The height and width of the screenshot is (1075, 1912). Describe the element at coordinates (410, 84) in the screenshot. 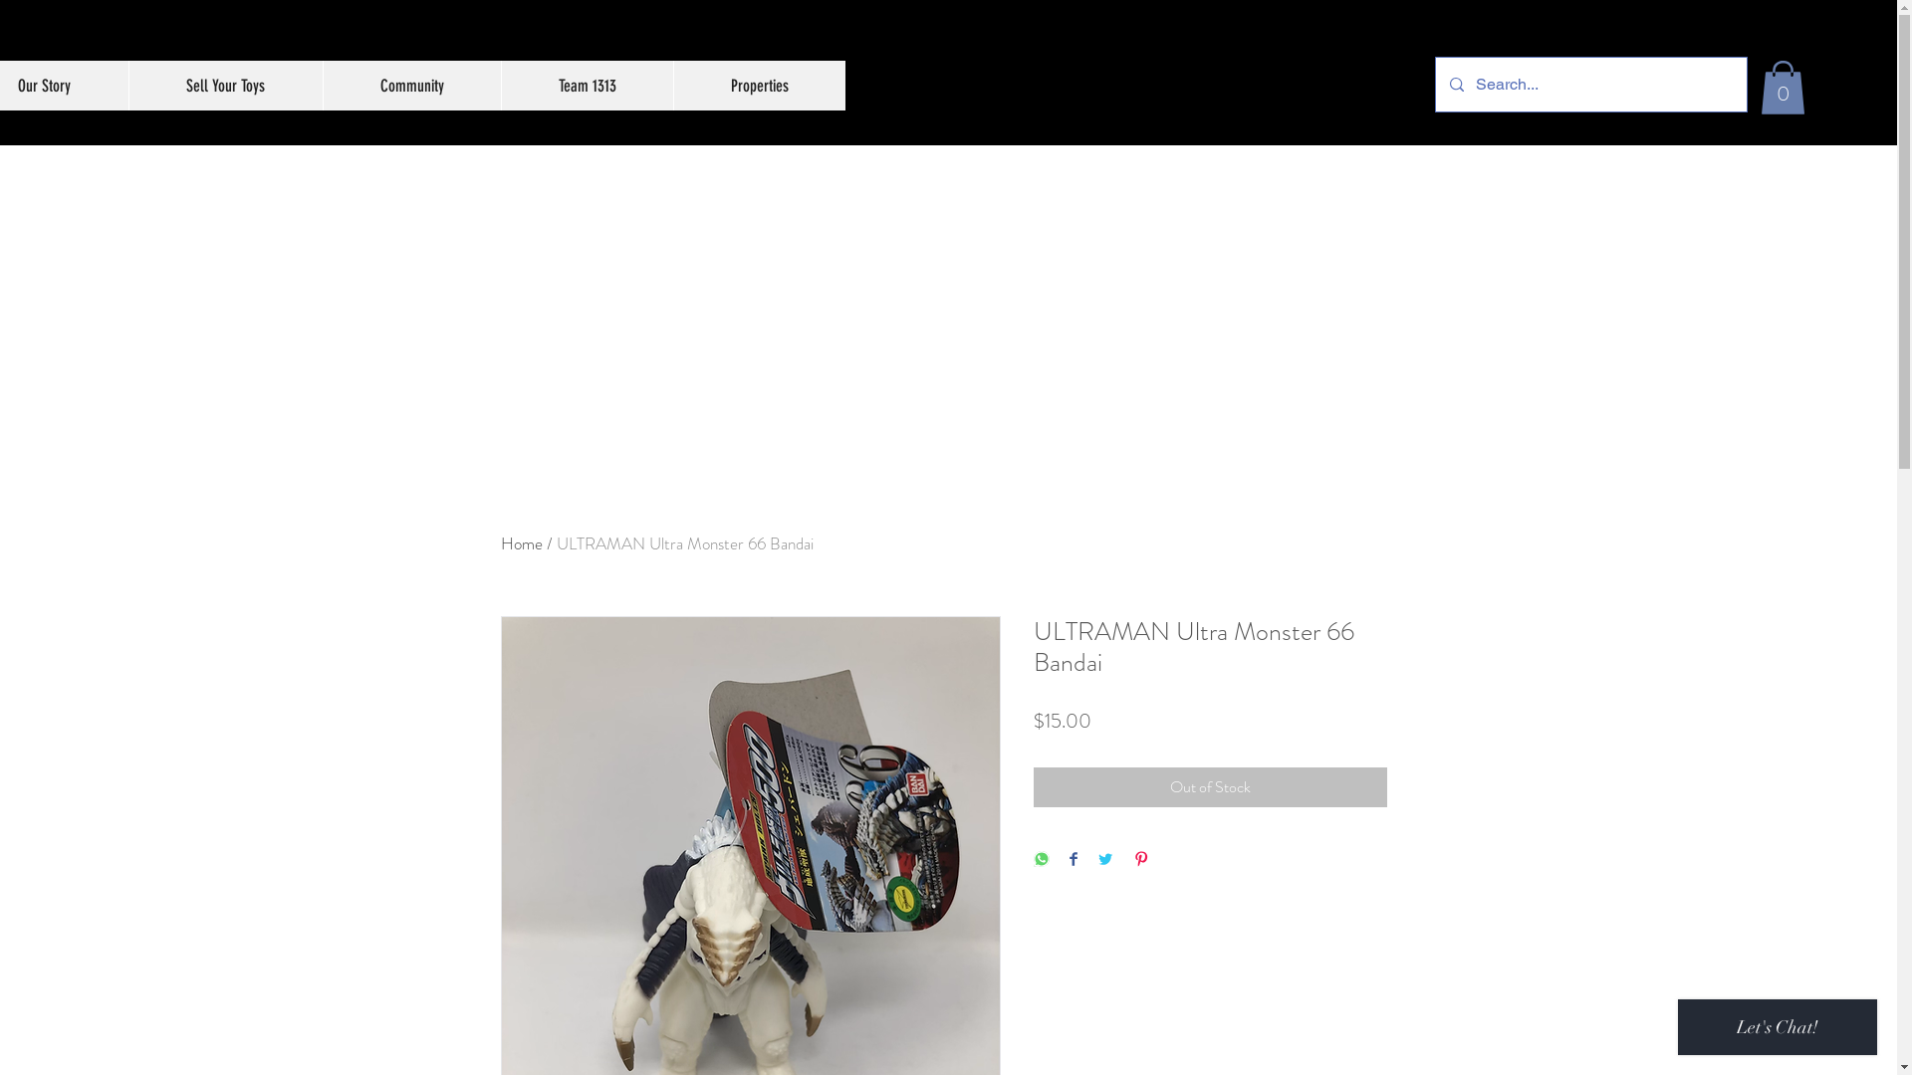

I see `'Community'` at that location.